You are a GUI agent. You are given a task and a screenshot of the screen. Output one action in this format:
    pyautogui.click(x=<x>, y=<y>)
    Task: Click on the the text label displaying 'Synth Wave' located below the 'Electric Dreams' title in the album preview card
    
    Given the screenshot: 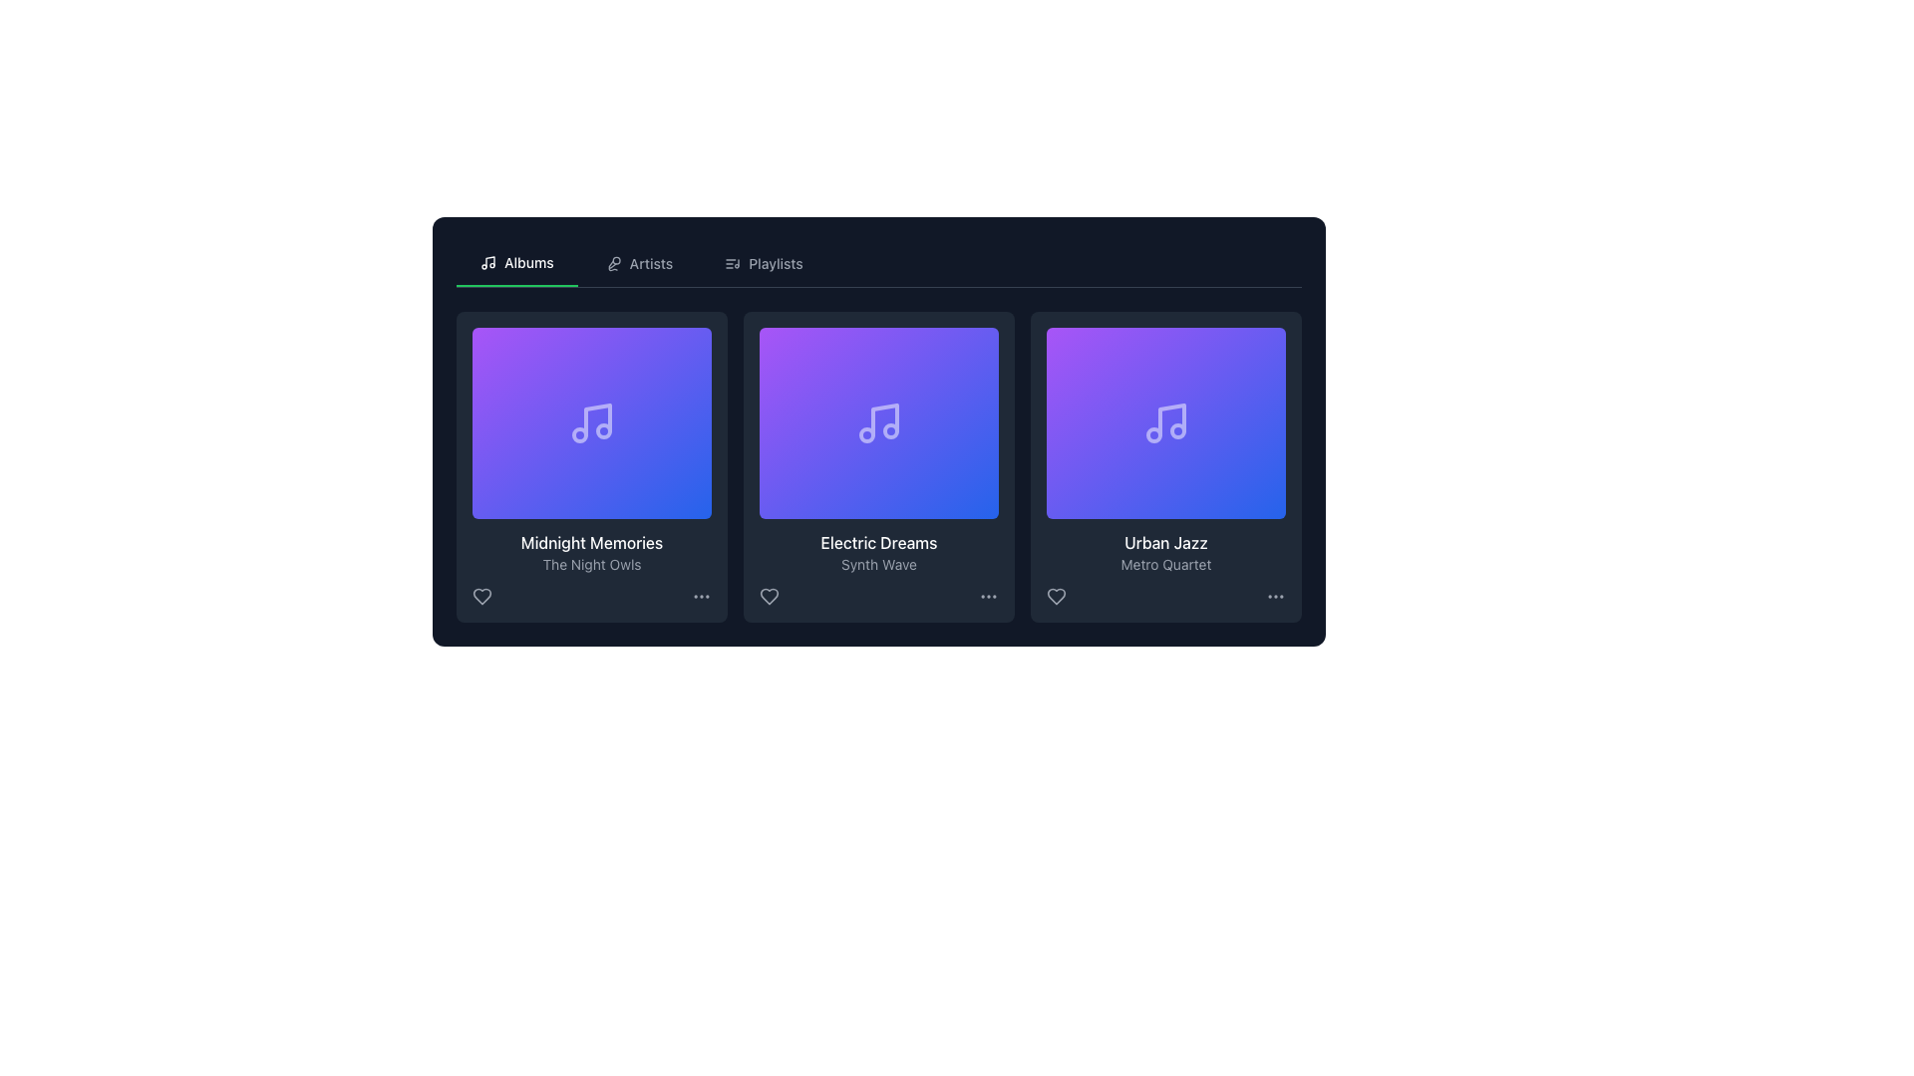 What is the action you would take?
    pyautogui.click(x=878, y=565)
    